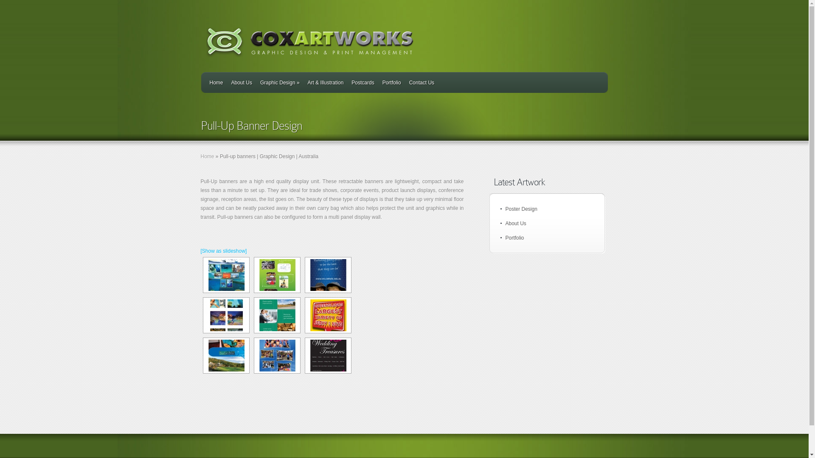 This screenshot has height=458, width=815. Describe the element at coordinates (277, 355) in the screenshot. I see `'STThomasBannerstand'` at that location.